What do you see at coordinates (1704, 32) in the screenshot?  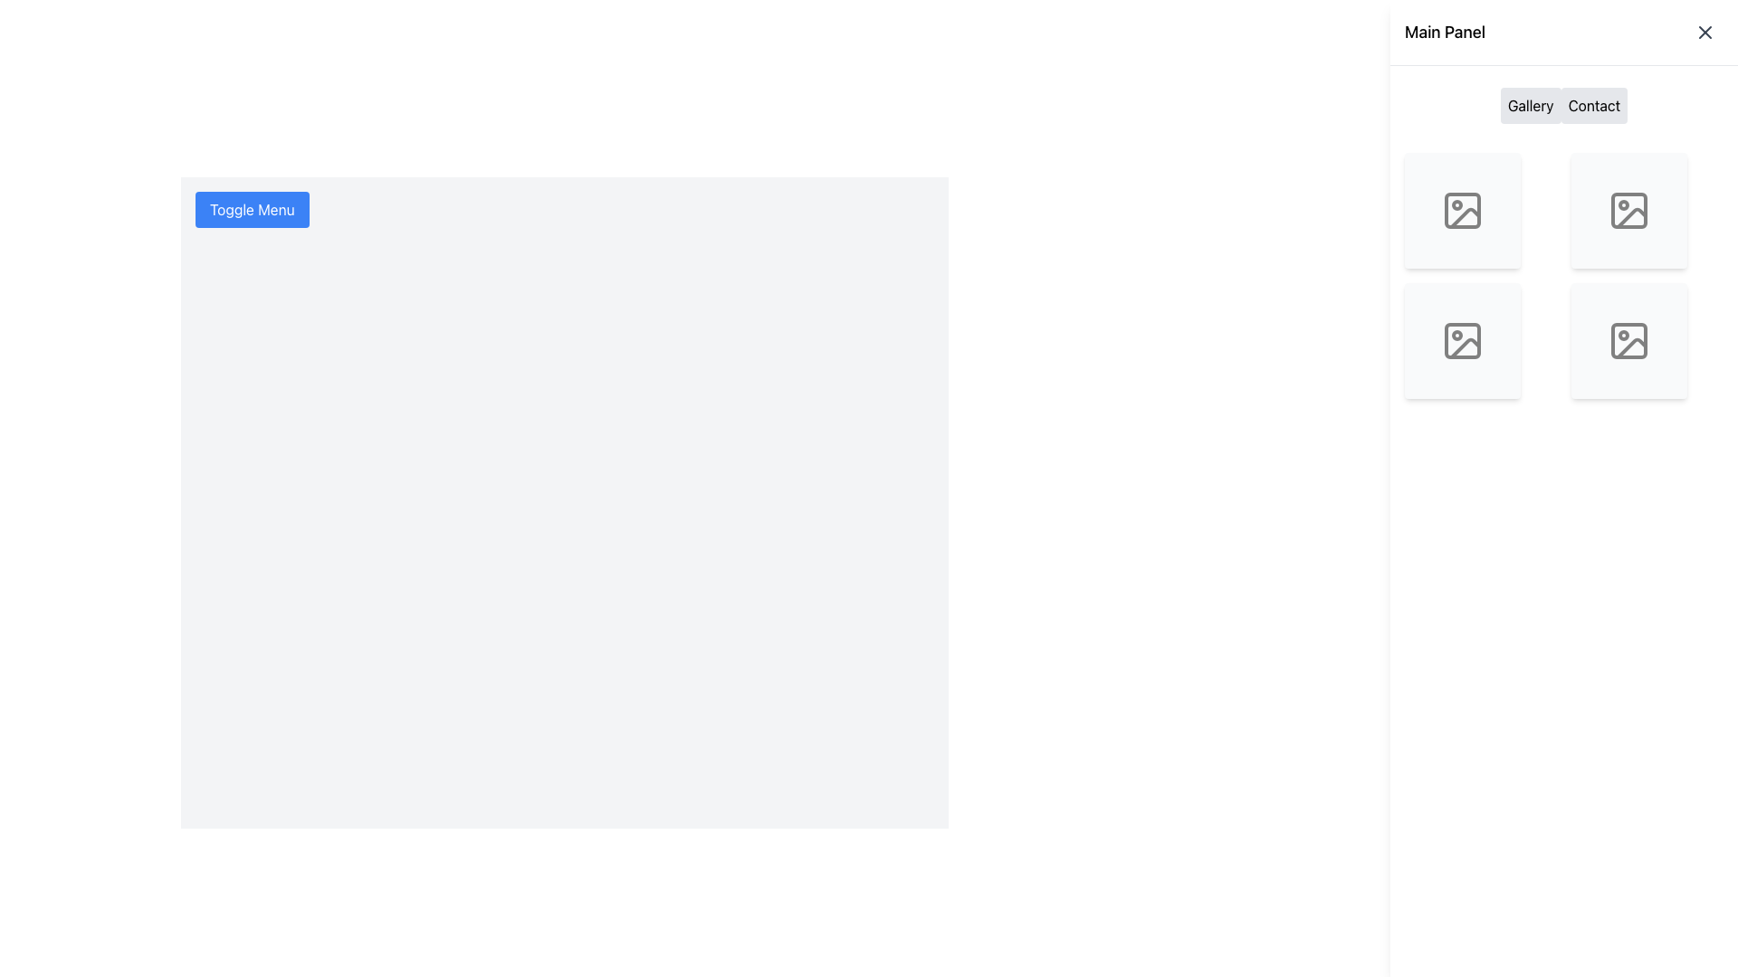 I see `the Close Icon, which is a small dark 'X' located at the top-right corner of the interface next to the 'Main Panel' title` at bounding box center [1704, 32].